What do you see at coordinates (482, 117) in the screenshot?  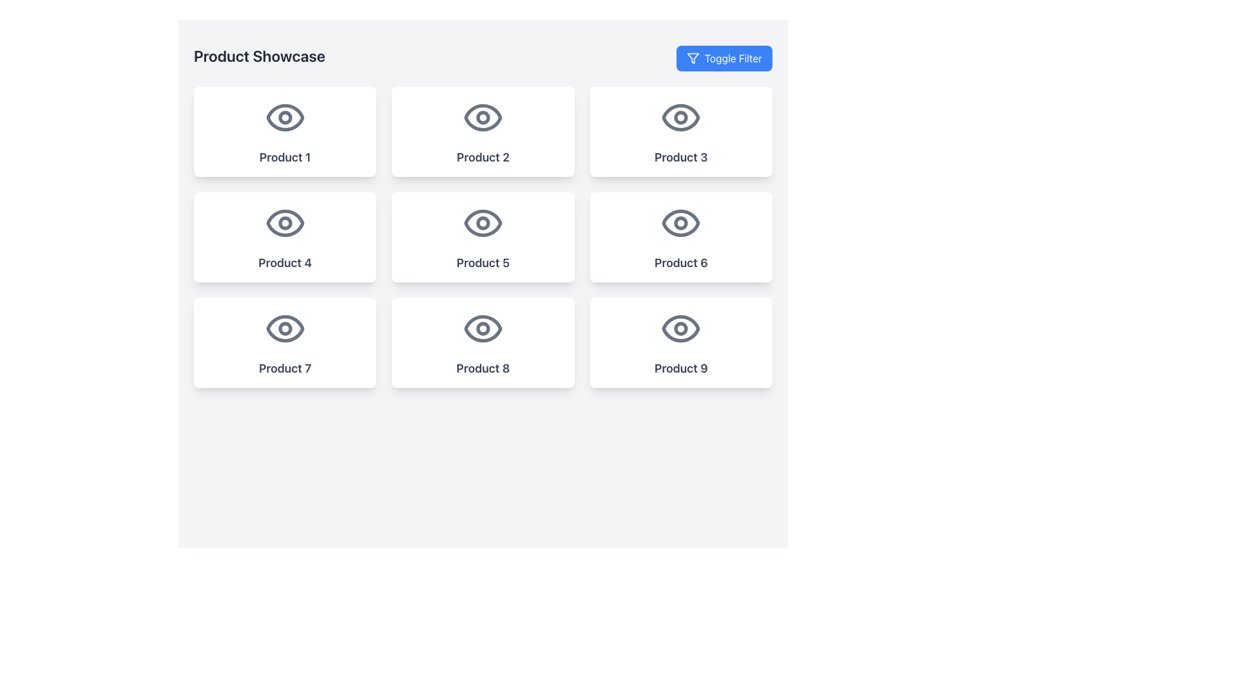 I see `the icon located at the center top of the card labeled 'Product 2'` at bounding box center [482, 117].